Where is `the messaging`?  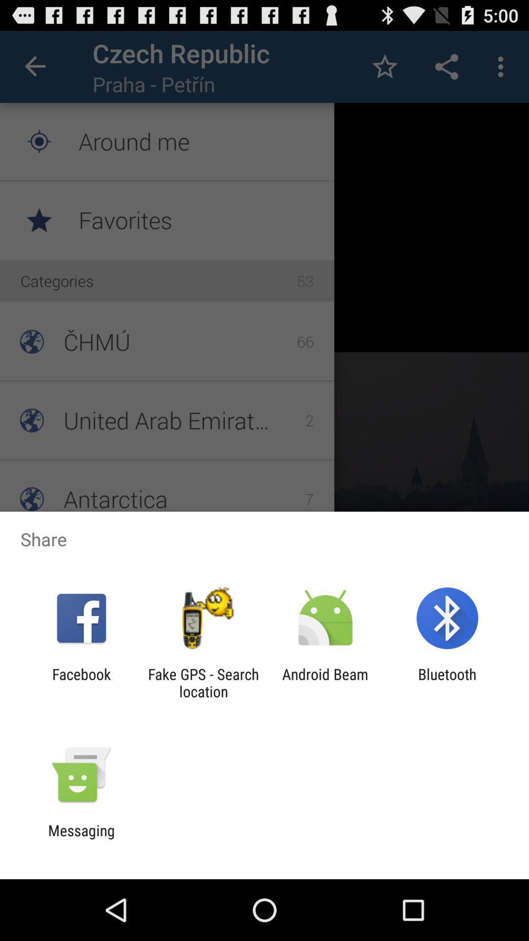 the messaging is located at coordinates (81, 839).